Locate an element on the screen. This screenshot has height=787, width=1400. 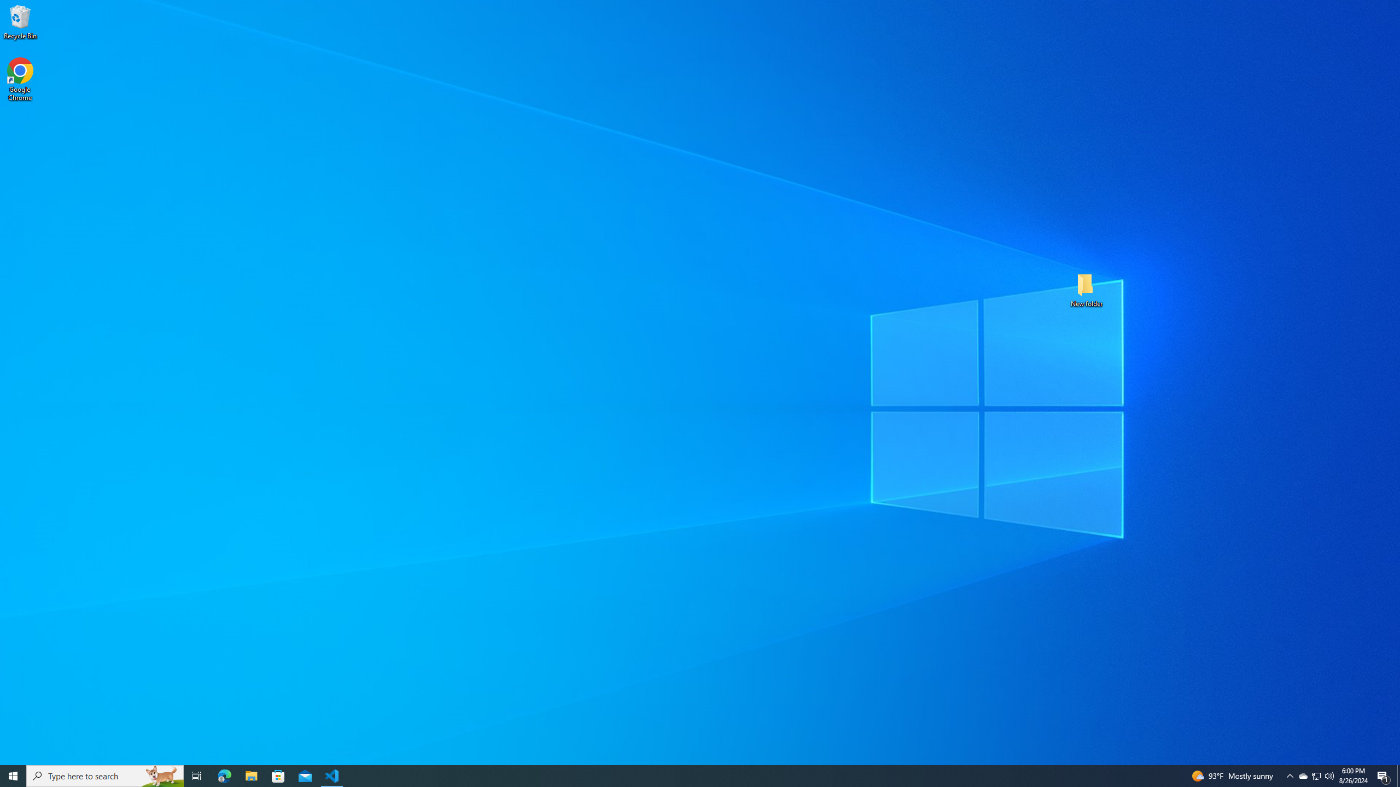
'Google Chrome' is located at coordinates (20, 79).